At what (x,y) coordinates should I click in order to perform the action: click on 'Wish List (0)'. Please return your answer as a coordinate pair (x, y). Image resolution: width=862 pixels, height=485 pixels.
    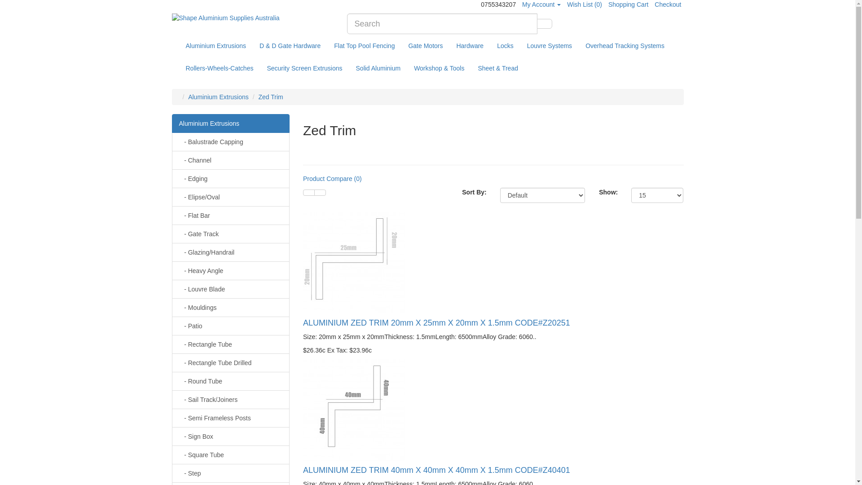
    Looking at the image, I should click on (584, 4).